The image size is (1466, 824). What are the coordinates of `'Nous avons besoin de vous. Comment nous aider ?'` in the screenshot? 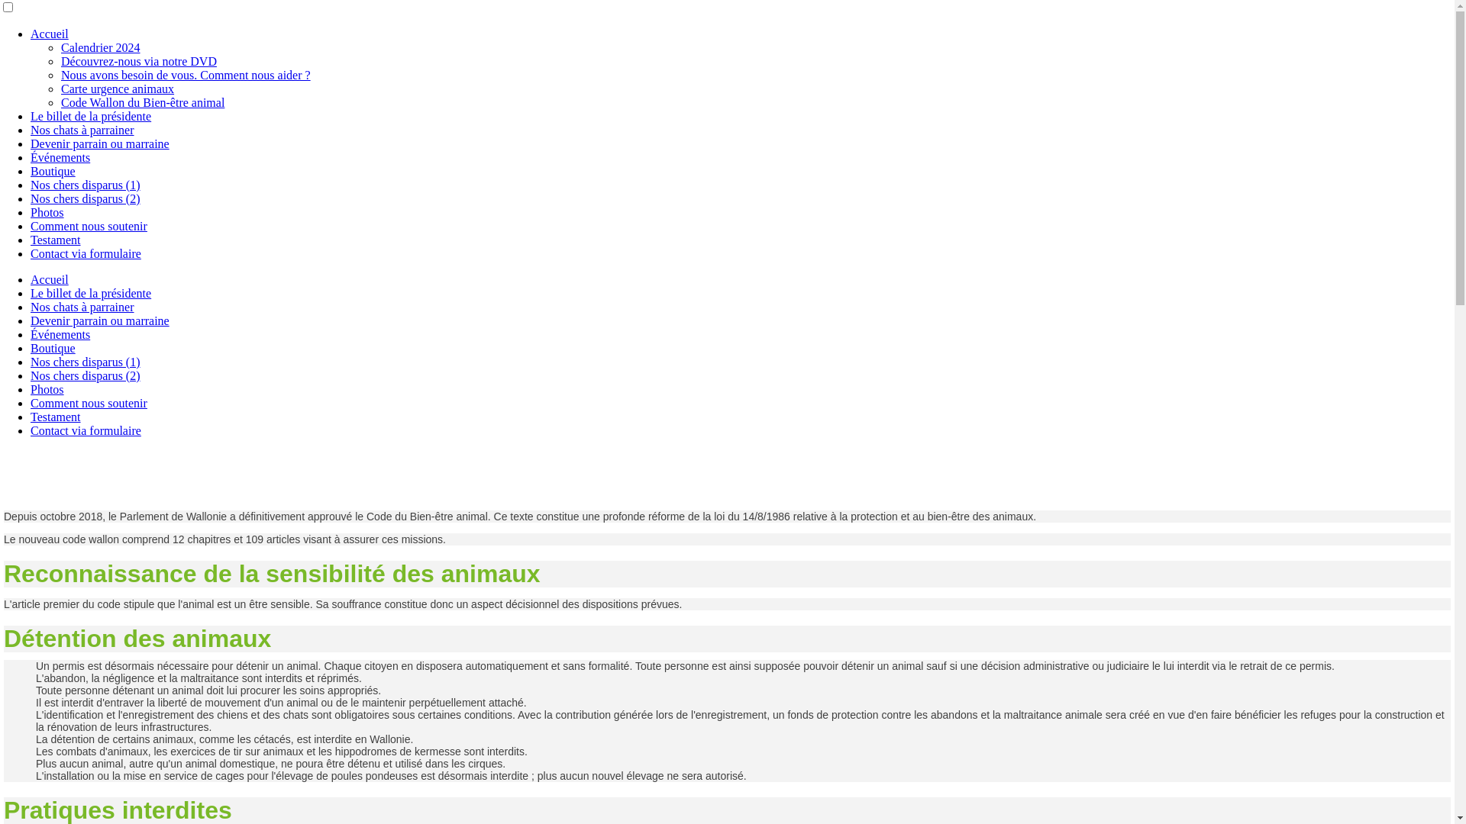 It's located at (185, 75).